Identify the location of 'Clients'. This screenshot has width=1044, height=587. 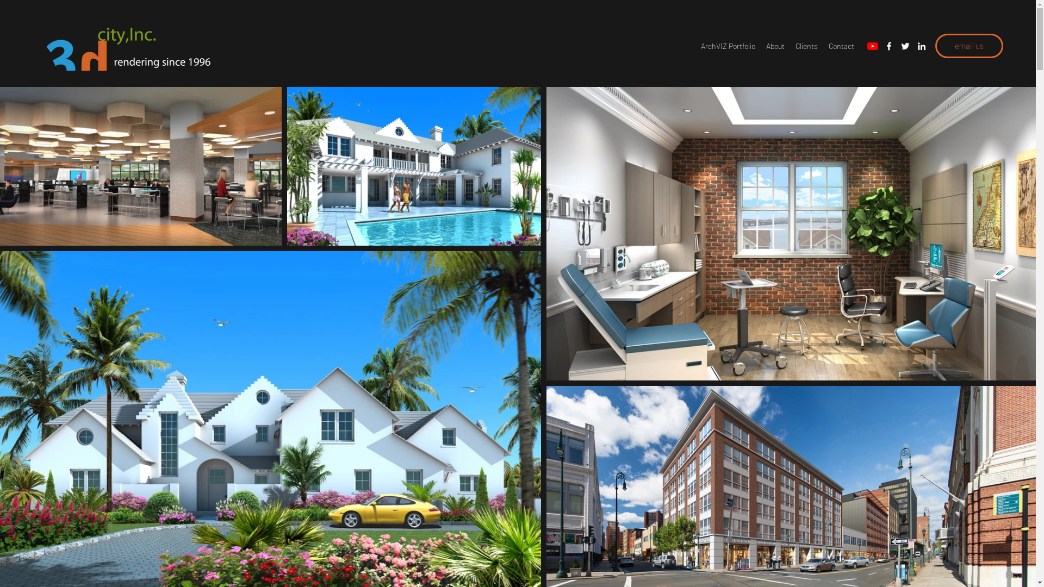
(806, 45).